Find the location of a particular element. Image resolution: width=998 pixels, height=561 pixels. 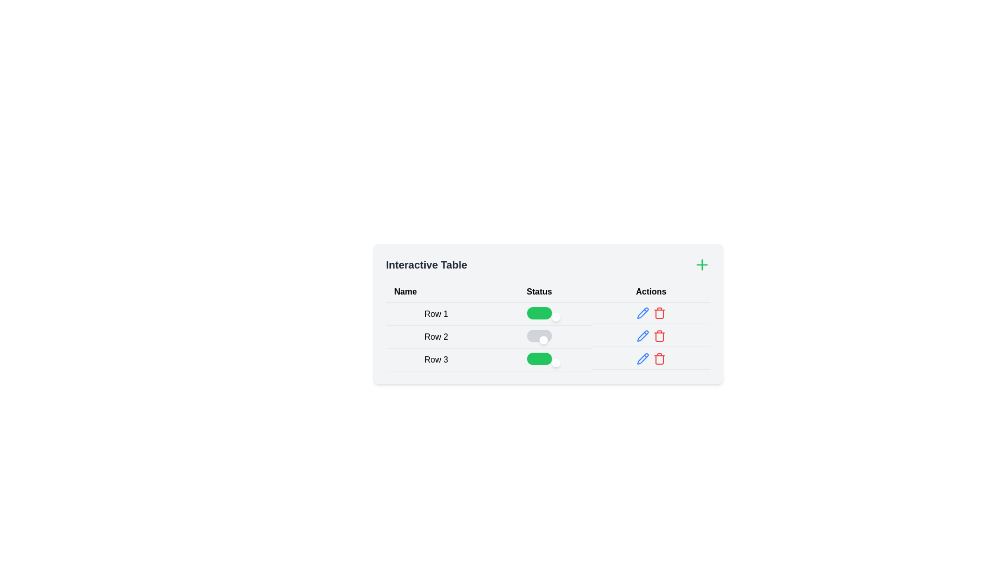

the green plus-shaped button located to the right of the 'Interactive Table' header is located at coordinates (702, 264).